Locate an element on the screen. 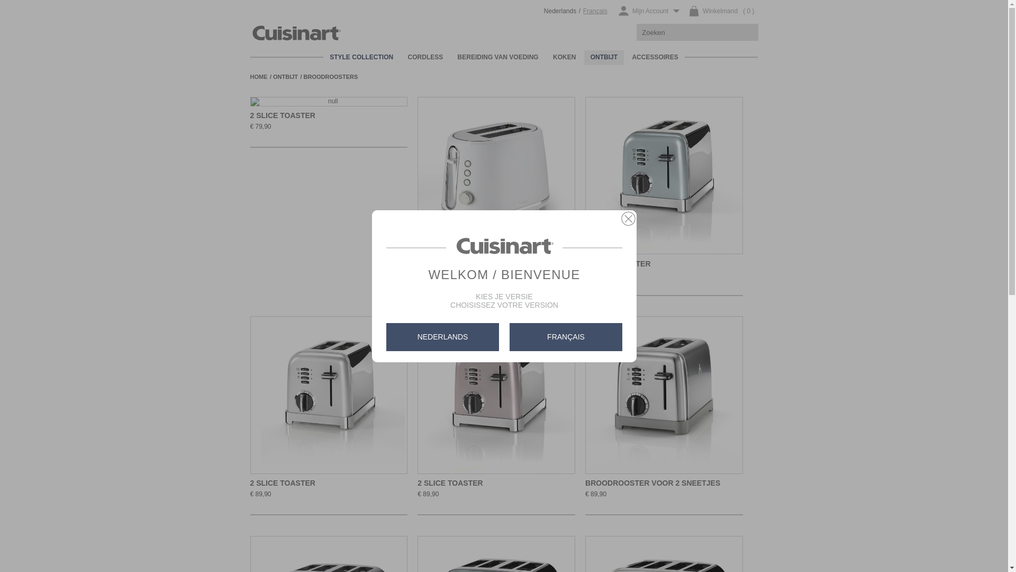  '2 SLICE TOASTER' is located at coordinates (282, 482).